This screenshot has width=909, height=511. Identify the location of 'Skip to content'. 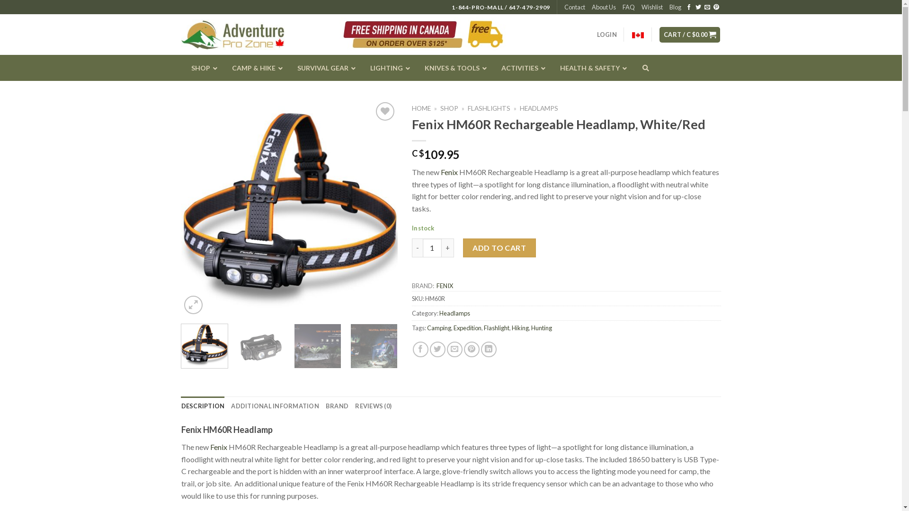
(0, 0).